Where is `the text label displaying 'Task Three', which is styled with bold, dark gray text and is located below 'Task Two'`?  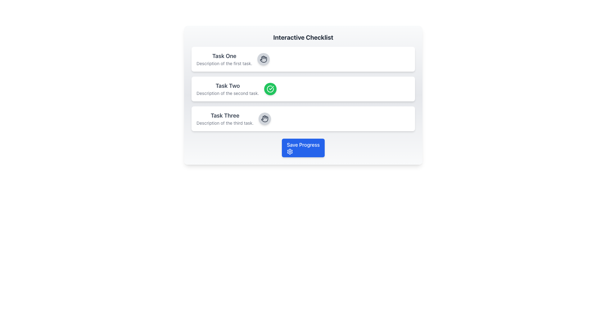 the text label displaying 'Task Three', which is styled with bold, dark gray text and is located below 'Task Two' is located at coordinates (224, 116).